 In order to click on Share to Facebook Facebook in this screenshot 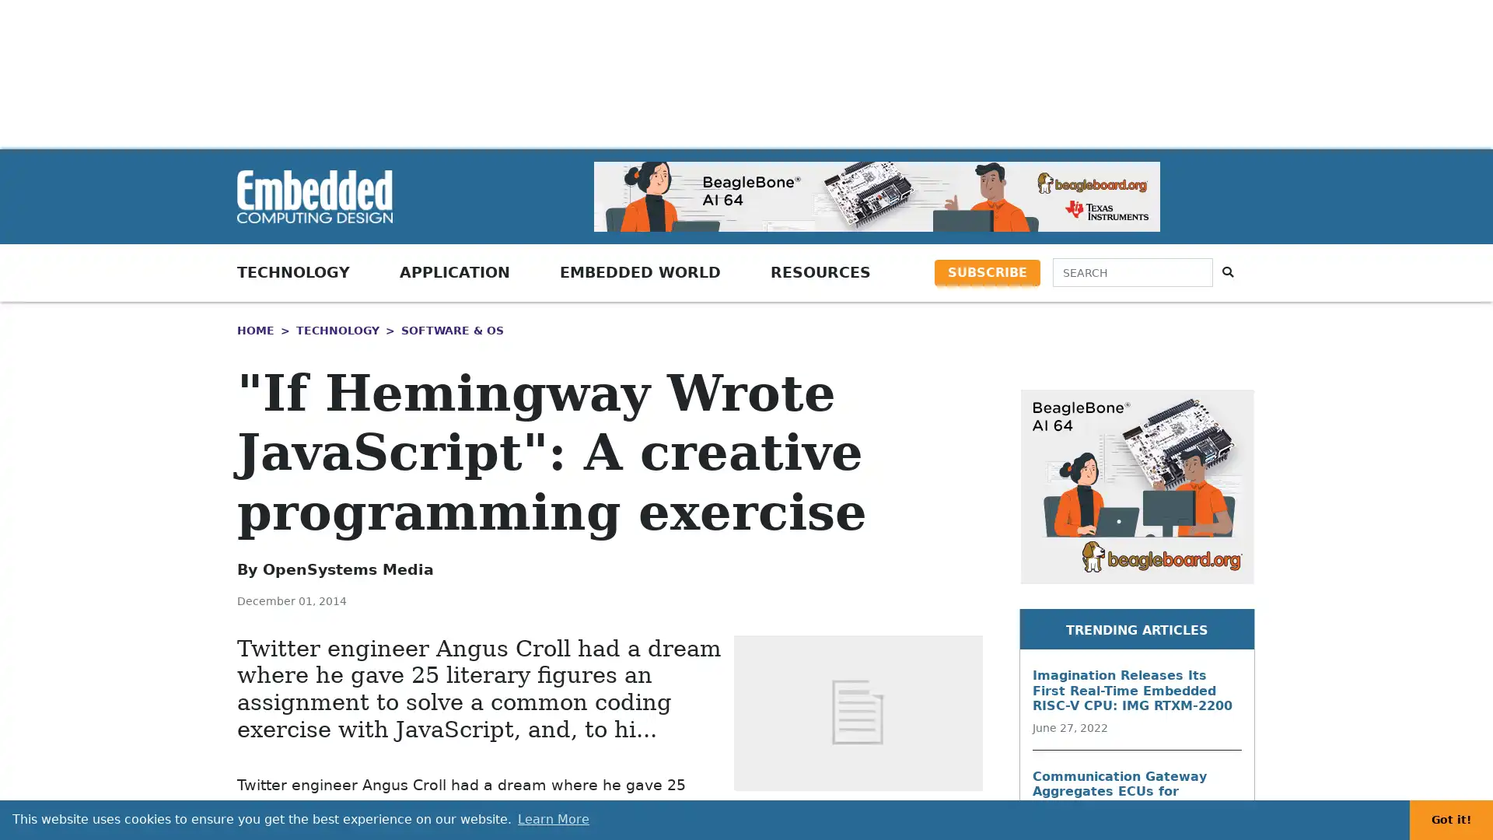, I will do `click(449, 579)`.